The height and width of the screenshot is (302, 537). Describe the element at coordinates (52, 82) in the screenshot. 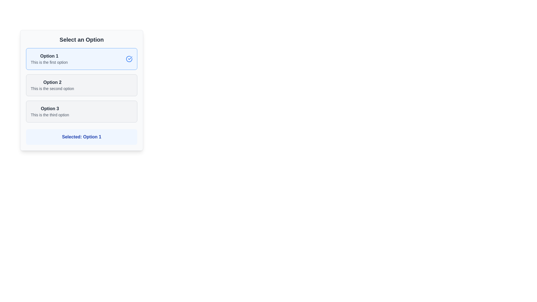

I see `bold dark gray text label that reads 'Option 2', which signifies the title for the second selectable option in the grouping` at that location.